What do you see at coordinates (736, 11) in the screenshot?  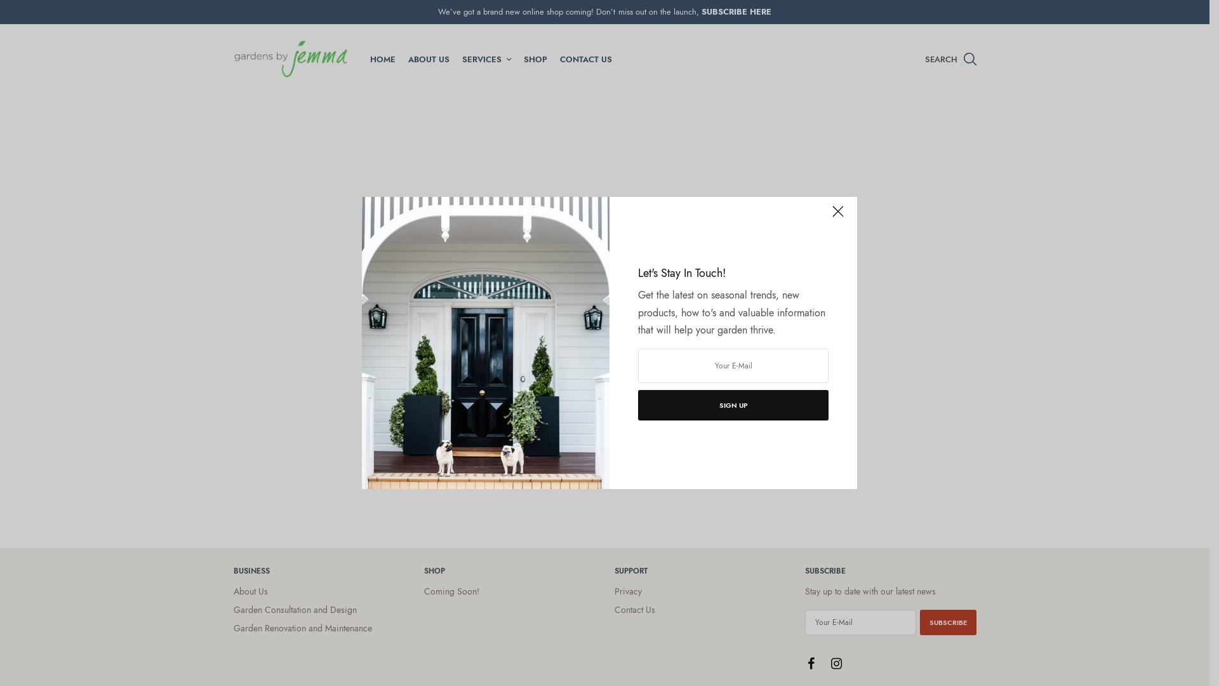 I see `'SUBSCRIBE HERE'` at bounding box center [736, 11].